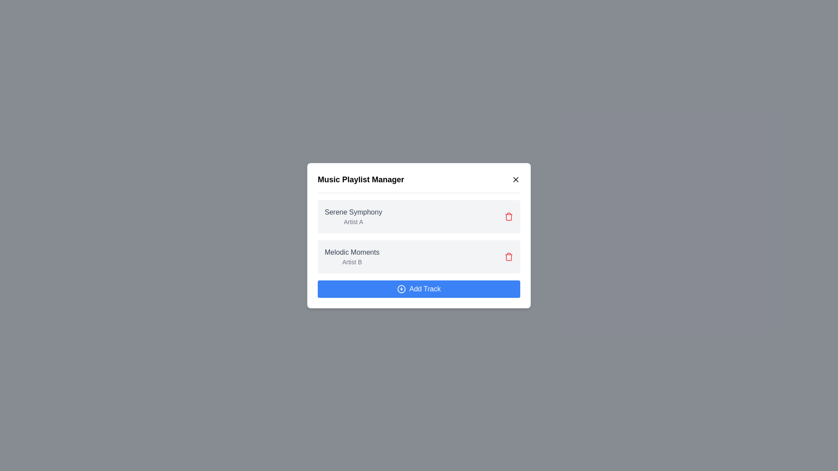 The image size is (838, 471). I want to click on the icon button in the upper-right corner of the track entry labeled 'Serene Symphony', so click(509, 216).